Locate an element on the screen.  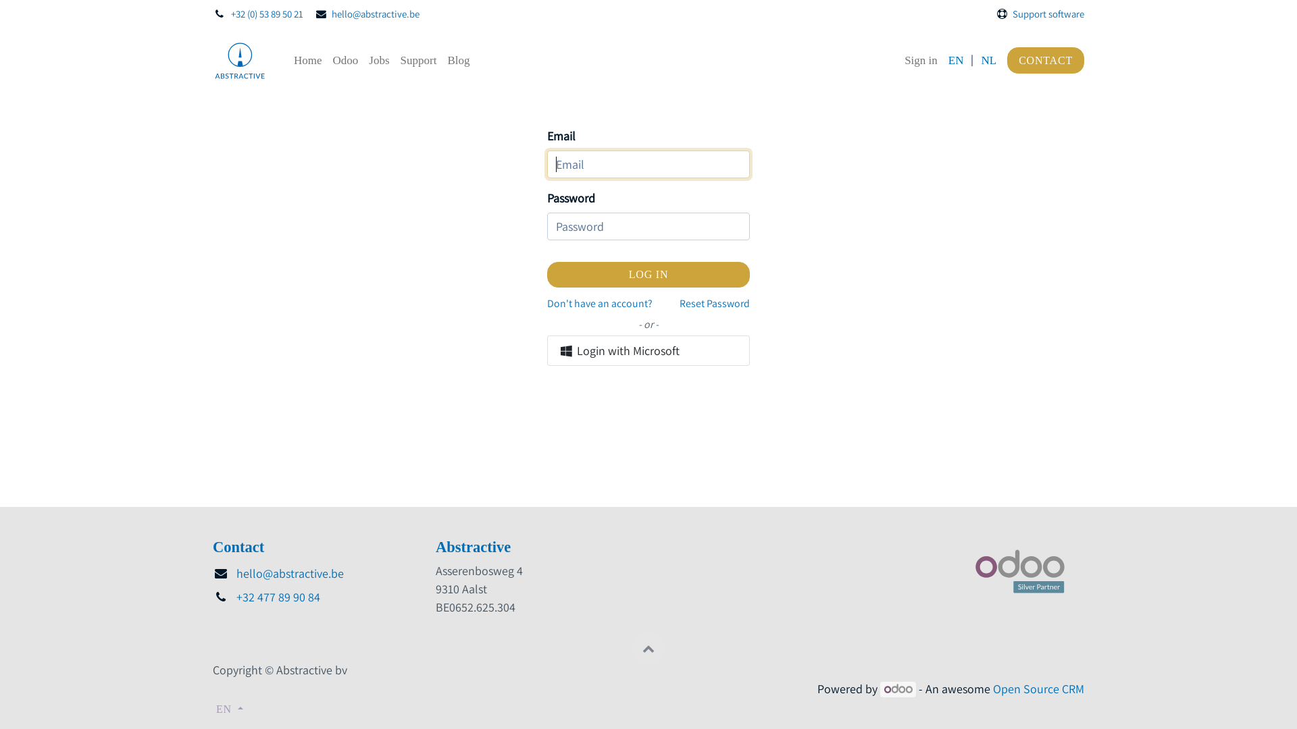
'Home' is located at coordinates (307, 59).